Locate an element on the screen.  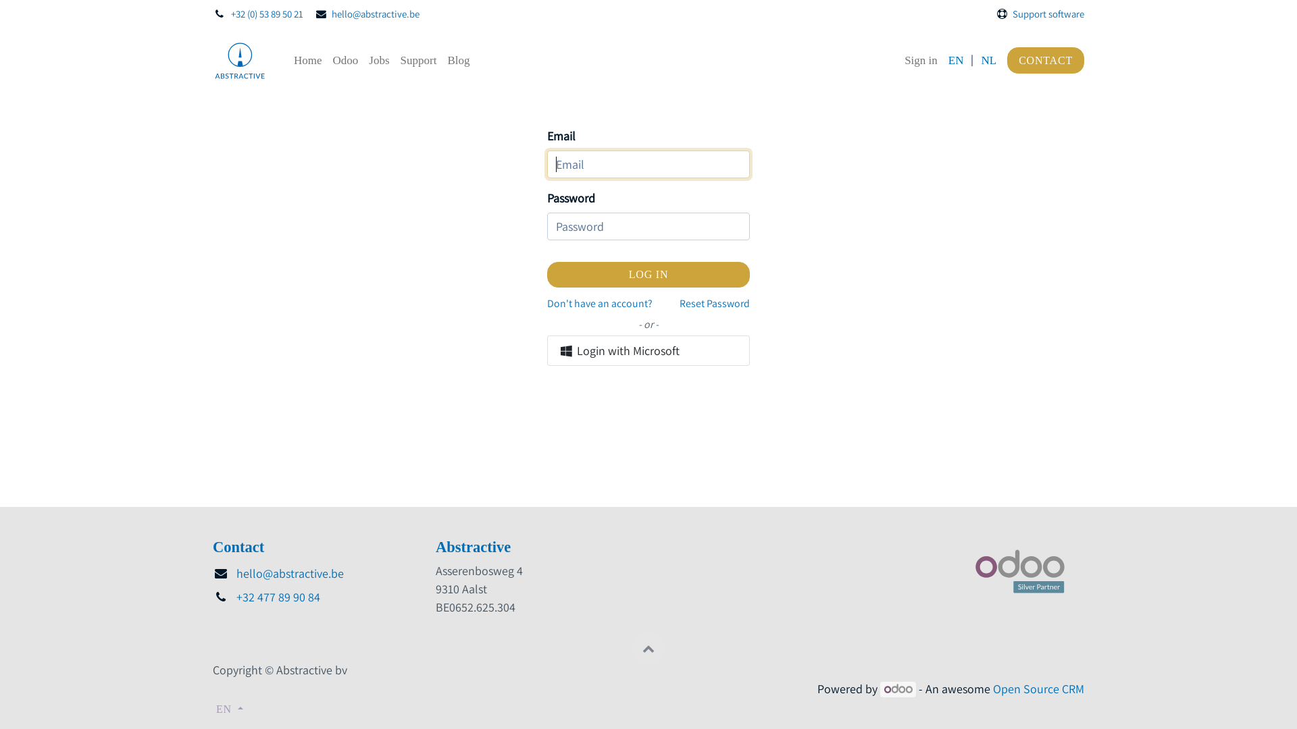
'Home' is located at coordinates (307, 59).